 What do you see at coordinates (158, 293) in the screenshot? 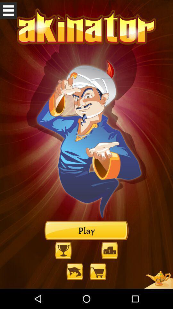
I see `the star icon` at bounding box center [158, 293].